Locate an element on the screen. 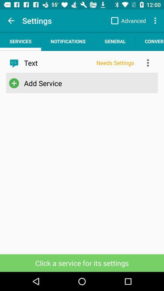  icon above the click a service app is located at coordinates (81, 83).